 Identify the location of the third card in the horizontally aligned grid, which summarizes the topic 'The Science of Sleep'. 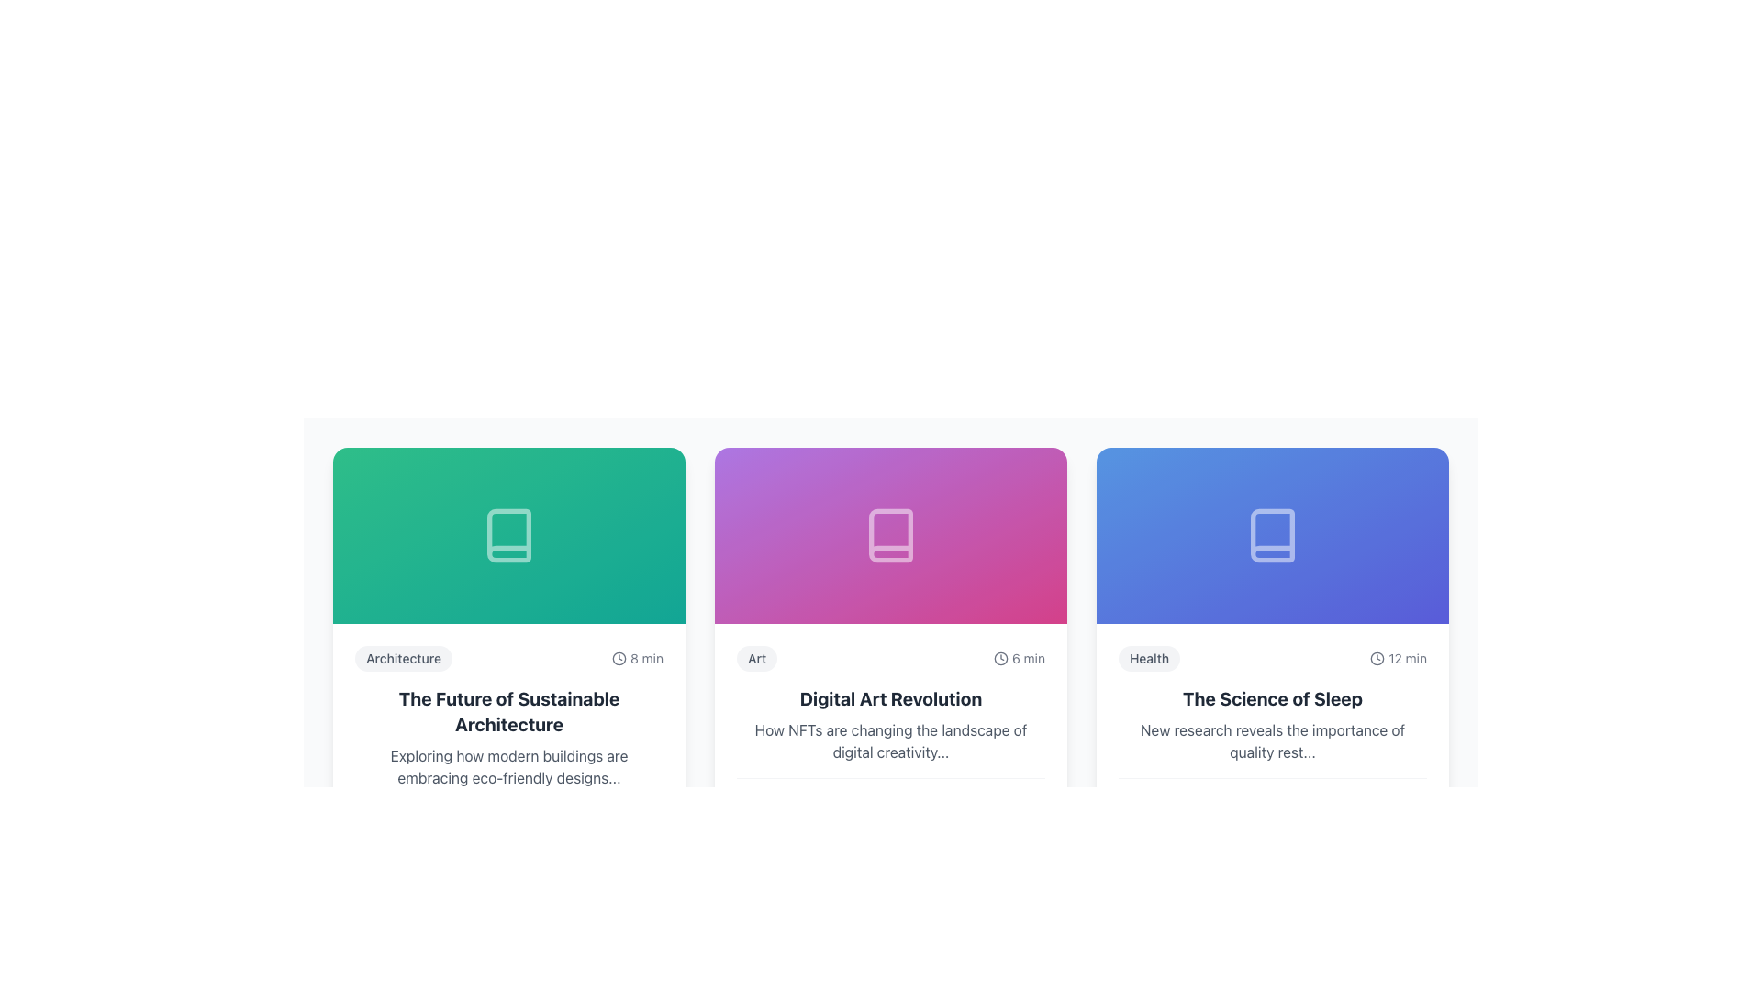
(1272, 661).